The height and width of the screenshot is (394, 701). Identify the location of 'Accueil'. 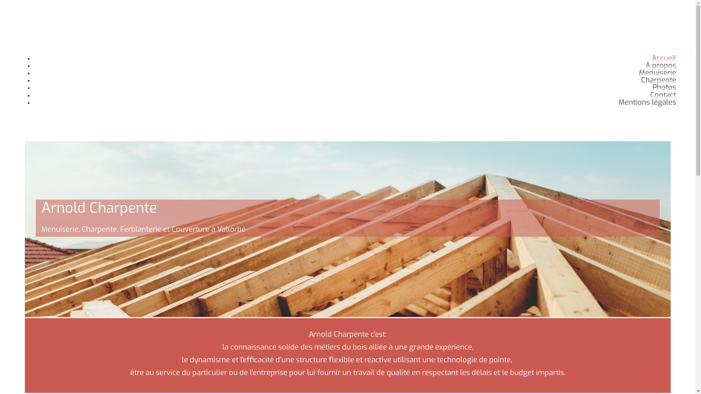
(664, 58).